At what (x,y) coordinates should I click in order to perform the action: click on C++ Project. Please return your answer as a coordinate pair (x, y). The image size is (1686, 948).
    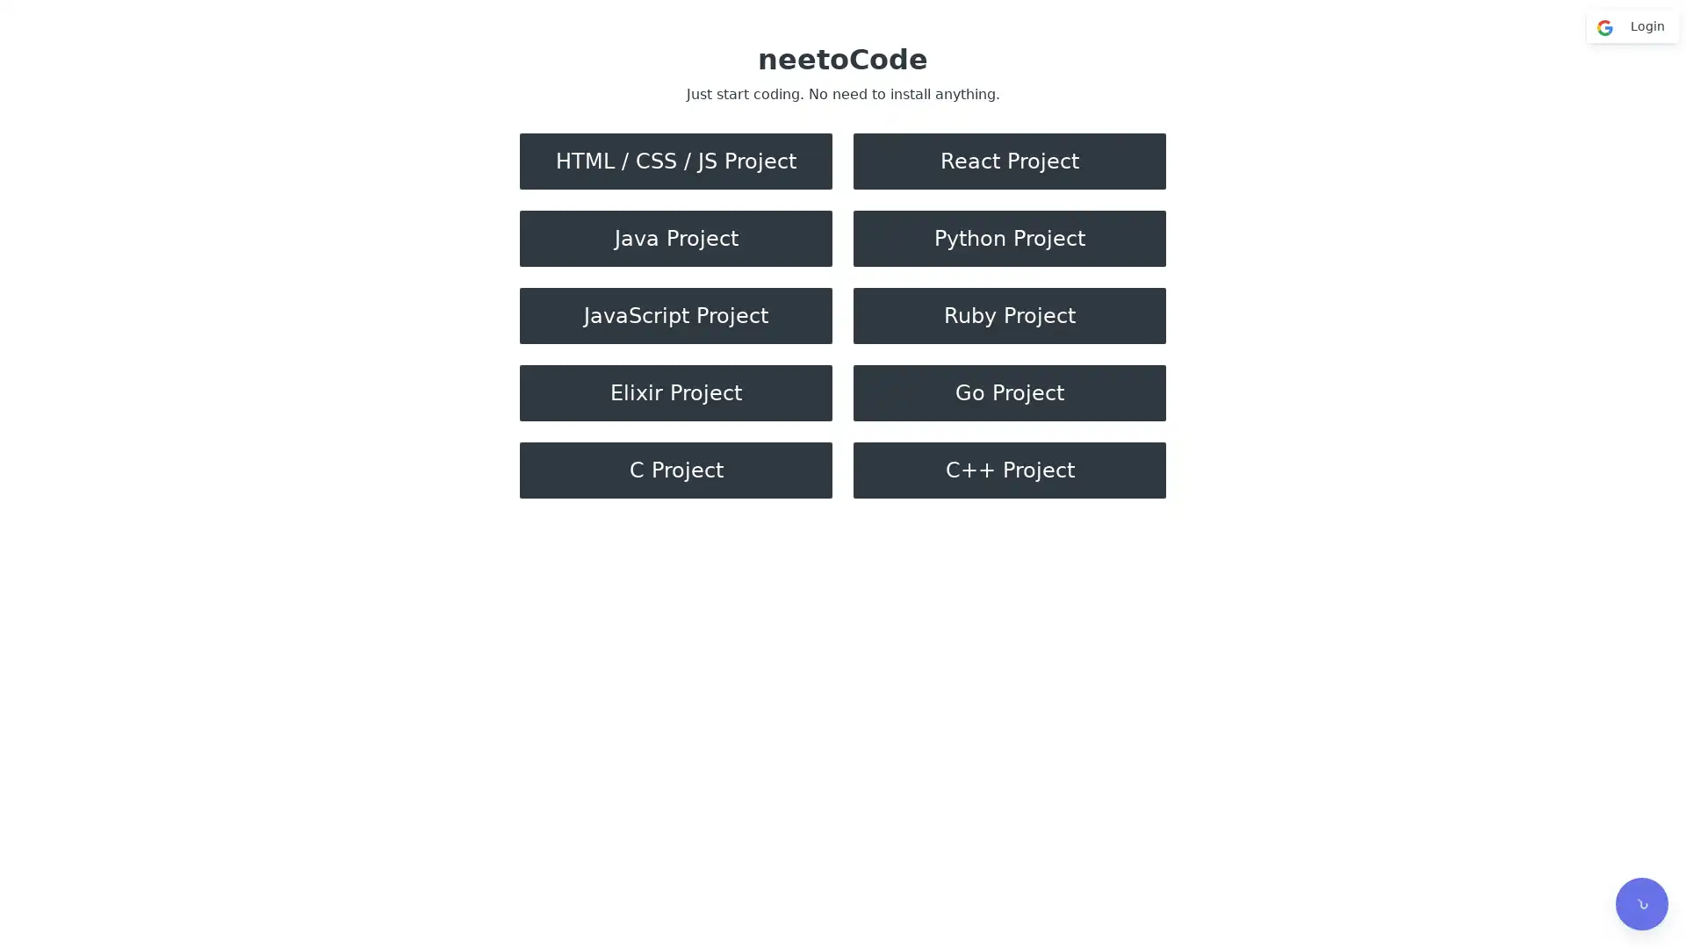
    Looking at the image, I should click on (1010, 470).